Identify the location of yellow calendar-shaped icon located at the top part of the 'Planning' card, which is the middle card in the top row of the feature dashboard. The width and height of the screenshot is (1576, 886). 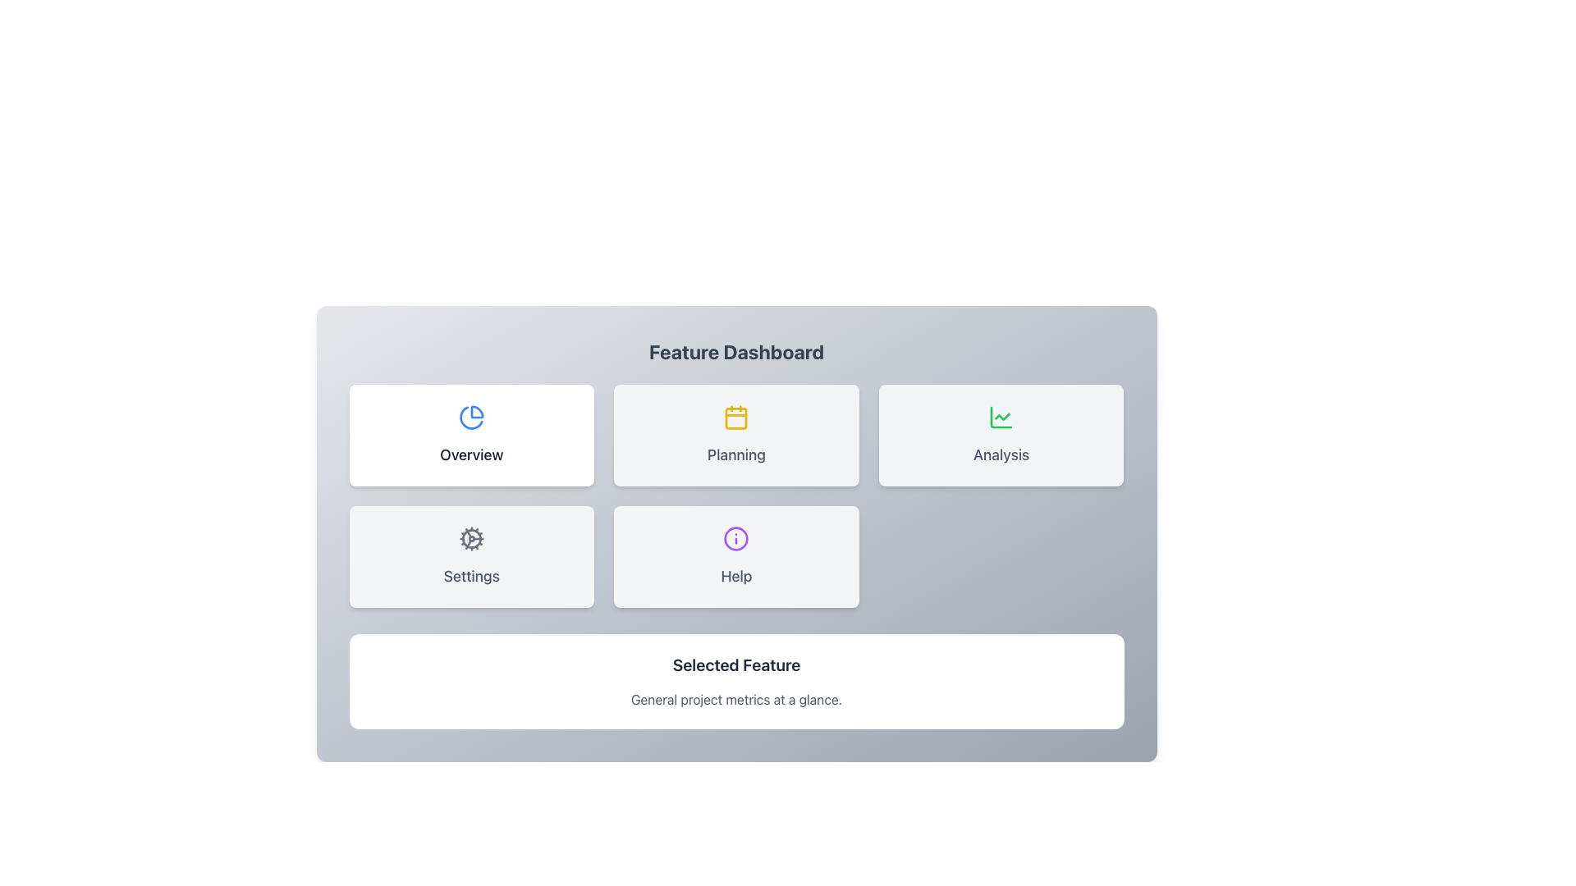
(735, 417).